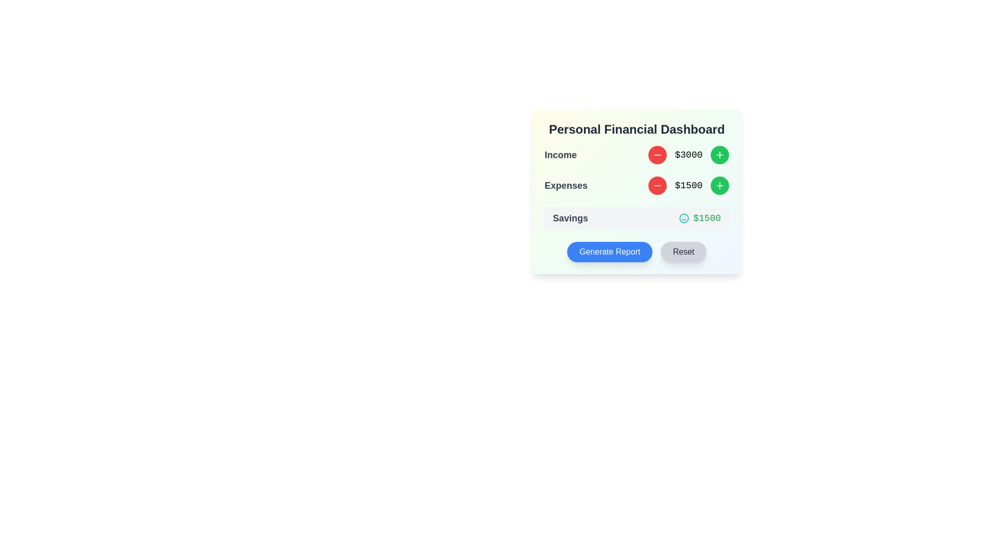 The height and width of the screenshot is (551, 981). I want to click on the 'Savings' text label element, which is styled with a large, bold, gray font and is positioned to the left of the monetary value '$1500' within the financial dashboard, so click(570, 218).